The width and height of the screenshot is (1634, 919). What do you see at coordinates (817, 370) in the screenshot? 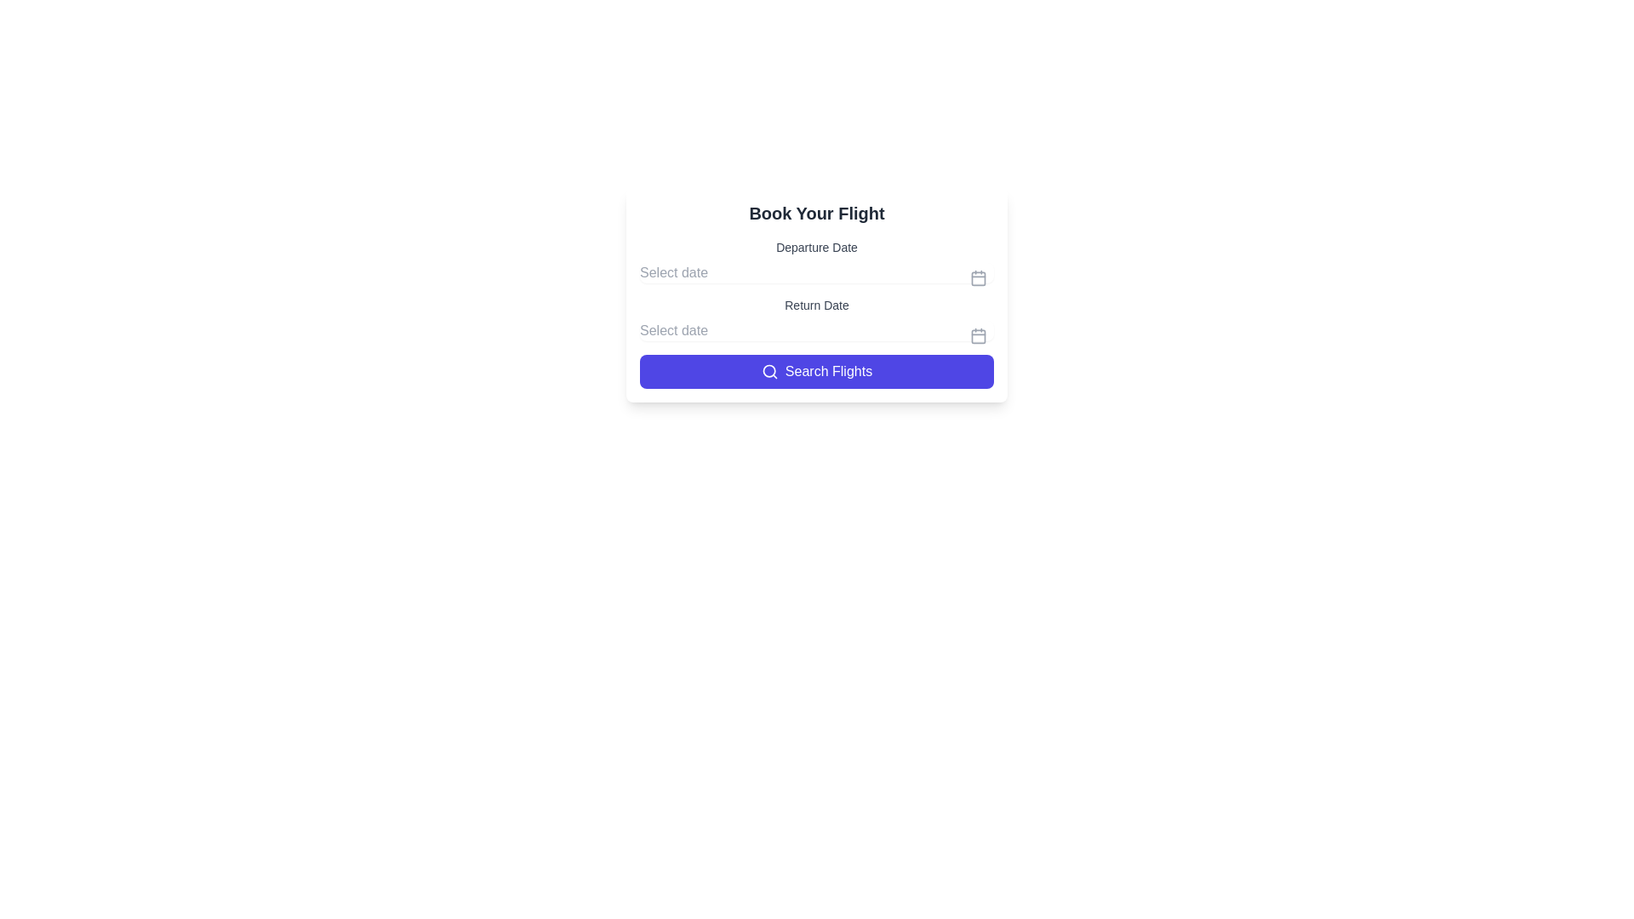
I see `the rectangular 'Search Flights' button with a vibrant indigo background and white text located at the bottom of the 'Book Your Flight' card to initiate the flight search` at bounding box center [817, 370].